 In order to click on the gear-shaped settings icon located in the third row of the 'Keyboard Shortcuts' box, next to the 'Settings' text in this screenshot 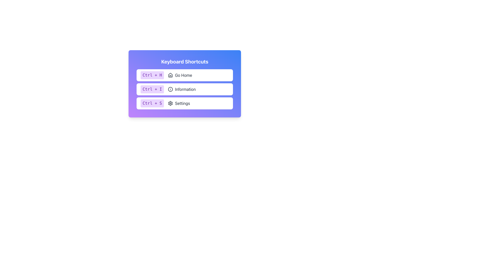, I will do `click(170, 103)`.